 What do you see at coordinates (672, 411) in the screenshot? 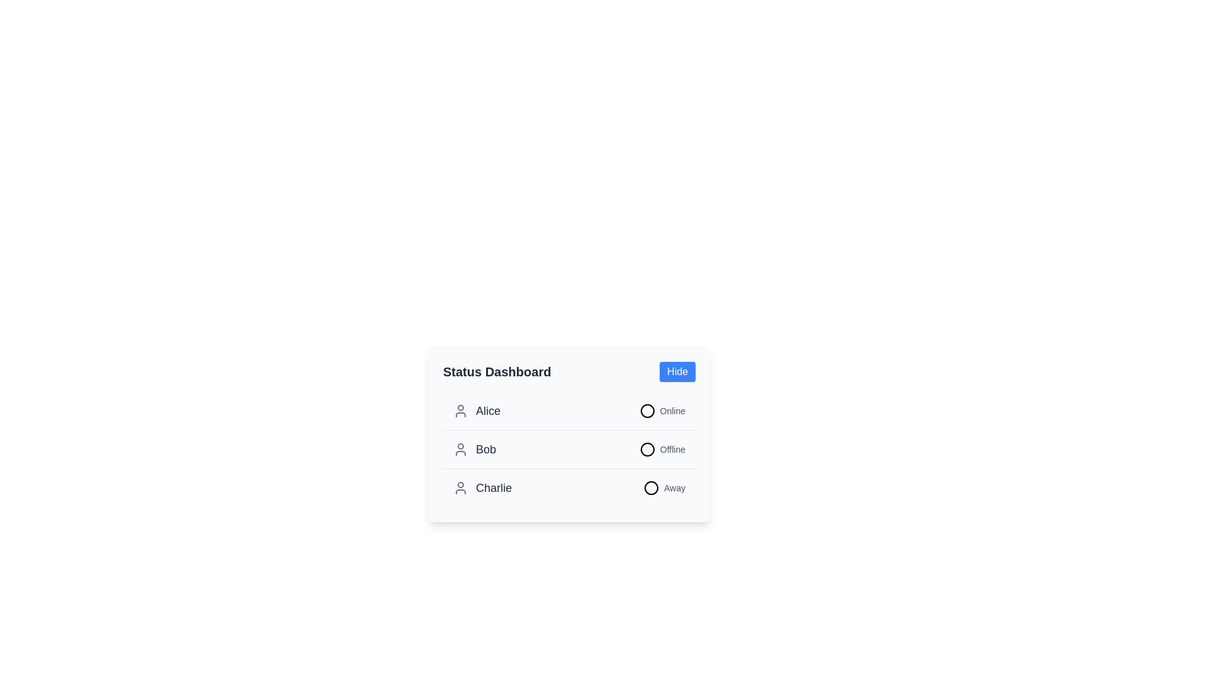
I see `the static text label indicating 'Online' status for the user 'Alice' in the Status Dashboard` at bounding box center [672, 411].